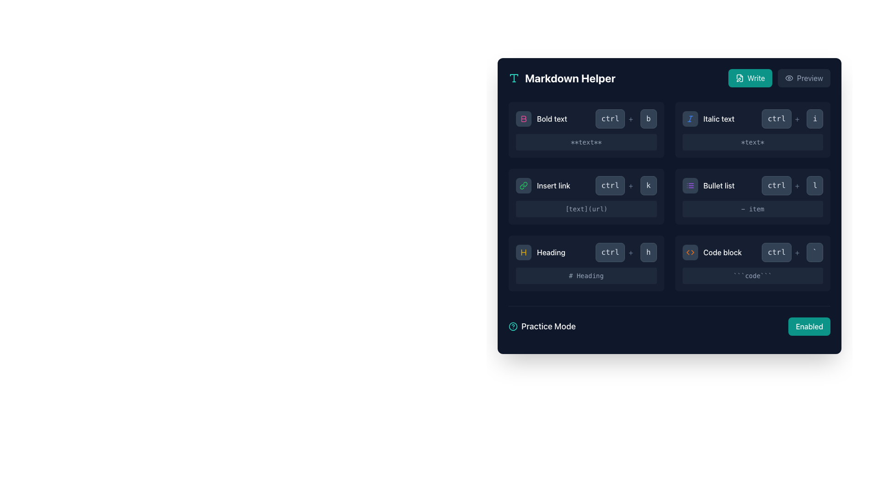 This screenshot has height=494, width=879. Describe the element at coordinates (540, 252) in the screenshot. I see `the button with the yellow 'H' icon and the text 'Heading'` at that location.